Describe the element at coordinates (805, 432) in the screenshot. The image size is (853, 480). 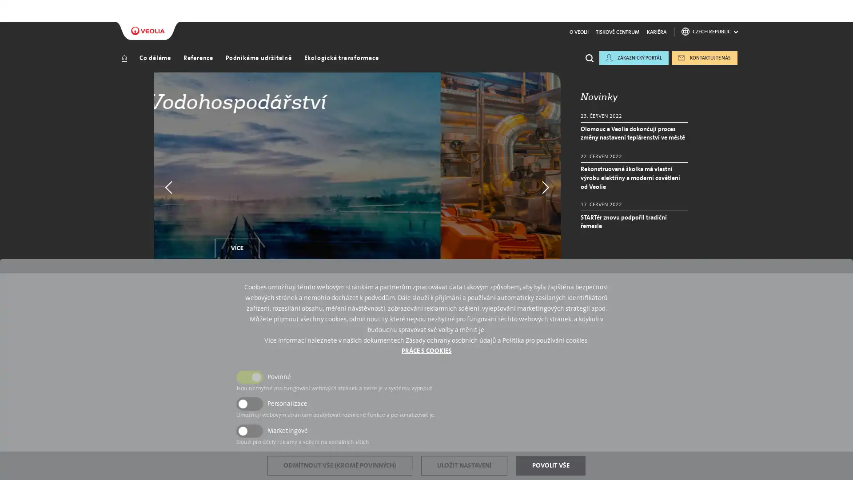
I see `Nahoru` at that location.